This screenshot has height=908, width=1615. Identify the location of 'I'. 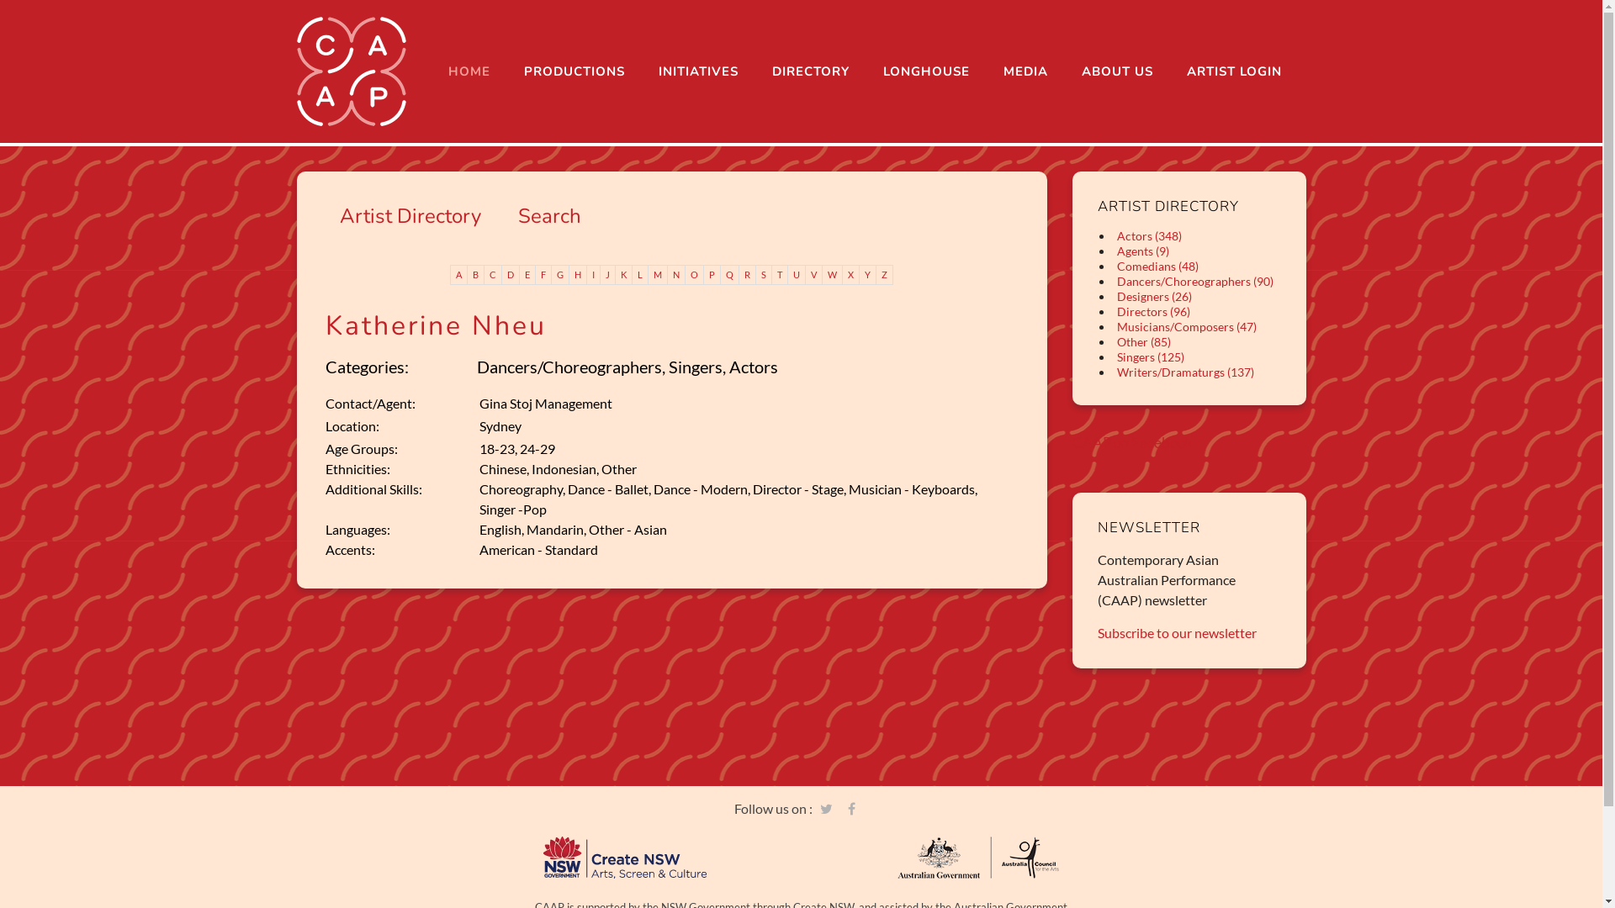
(586, 274).